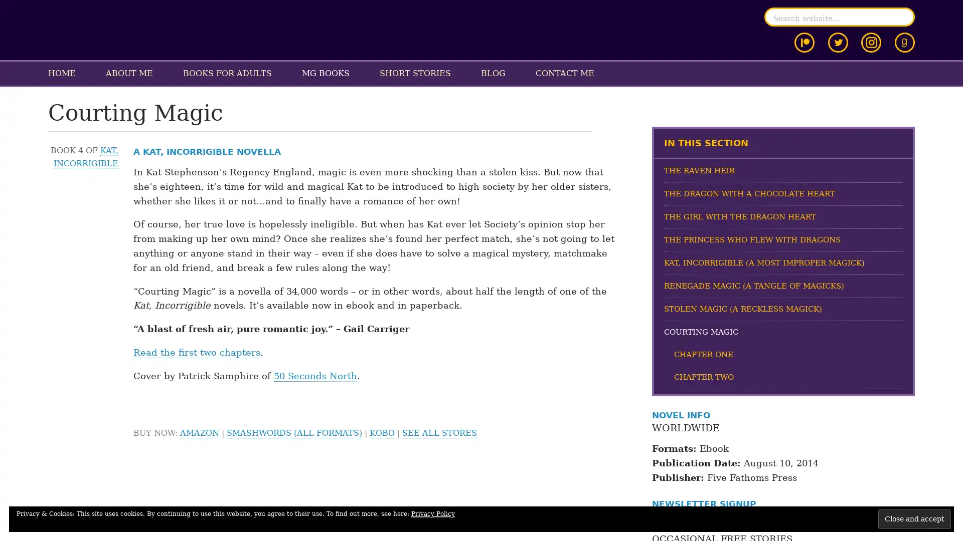 The width and height of the screenshot is (963, 541). What do you see at coordinates (903, 17) in the screenshot?
I see `Search` at bounding box center [903, 17].